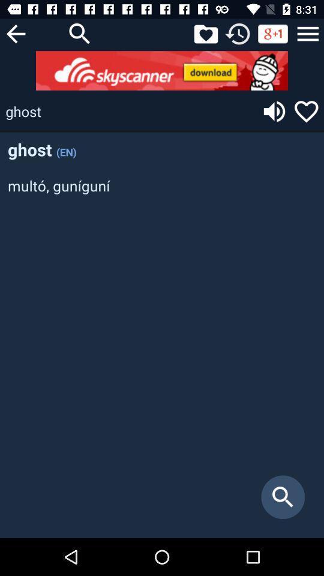  What do you see at coordinates (274, 111) in the screenshot?
I see `pronunciation` at bounding box center [274, 111].